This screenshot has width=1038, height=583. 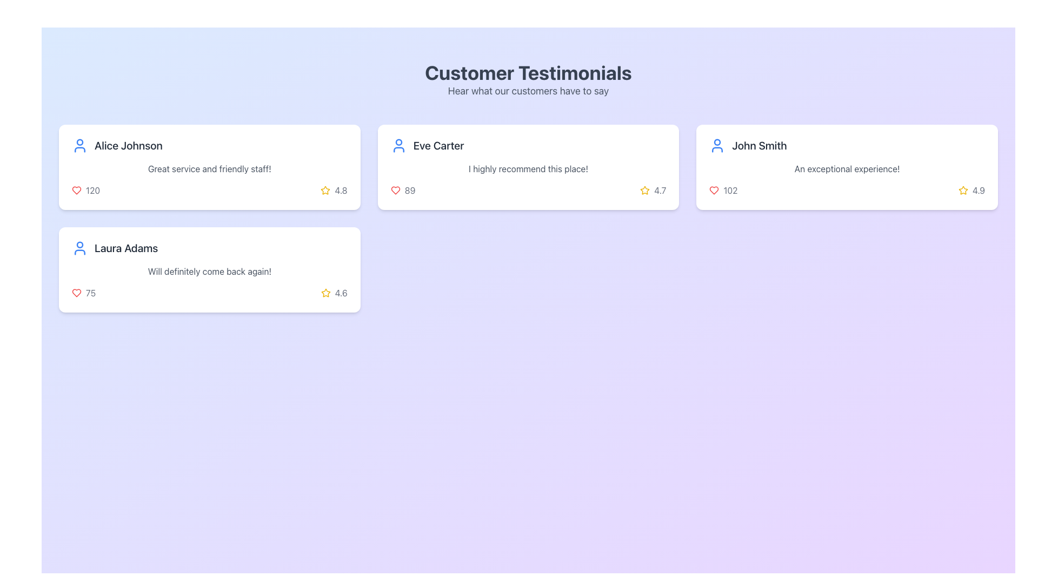 What do you see at coordinates (979, 190) in the screenshot?
I see `numerical rating value '4.9' displayed in a sans-serif font next to a yellow star icon on the testimonial card for user 'John Smith'` at bounding box center [979, 190].